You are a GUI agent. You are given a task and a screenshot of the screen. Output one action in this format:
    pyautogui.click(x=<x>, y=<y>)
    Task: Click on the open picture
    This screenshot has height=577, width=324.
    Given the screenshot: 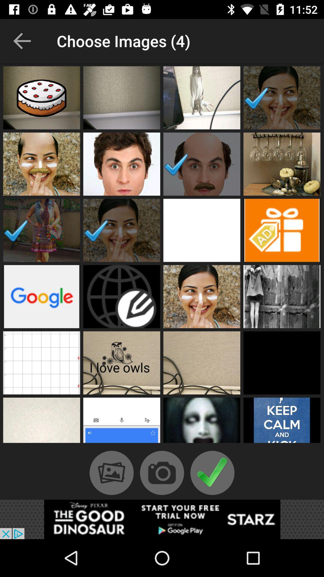 What is the action you would take?
    pyautogui.click(x=202, y=164)
    